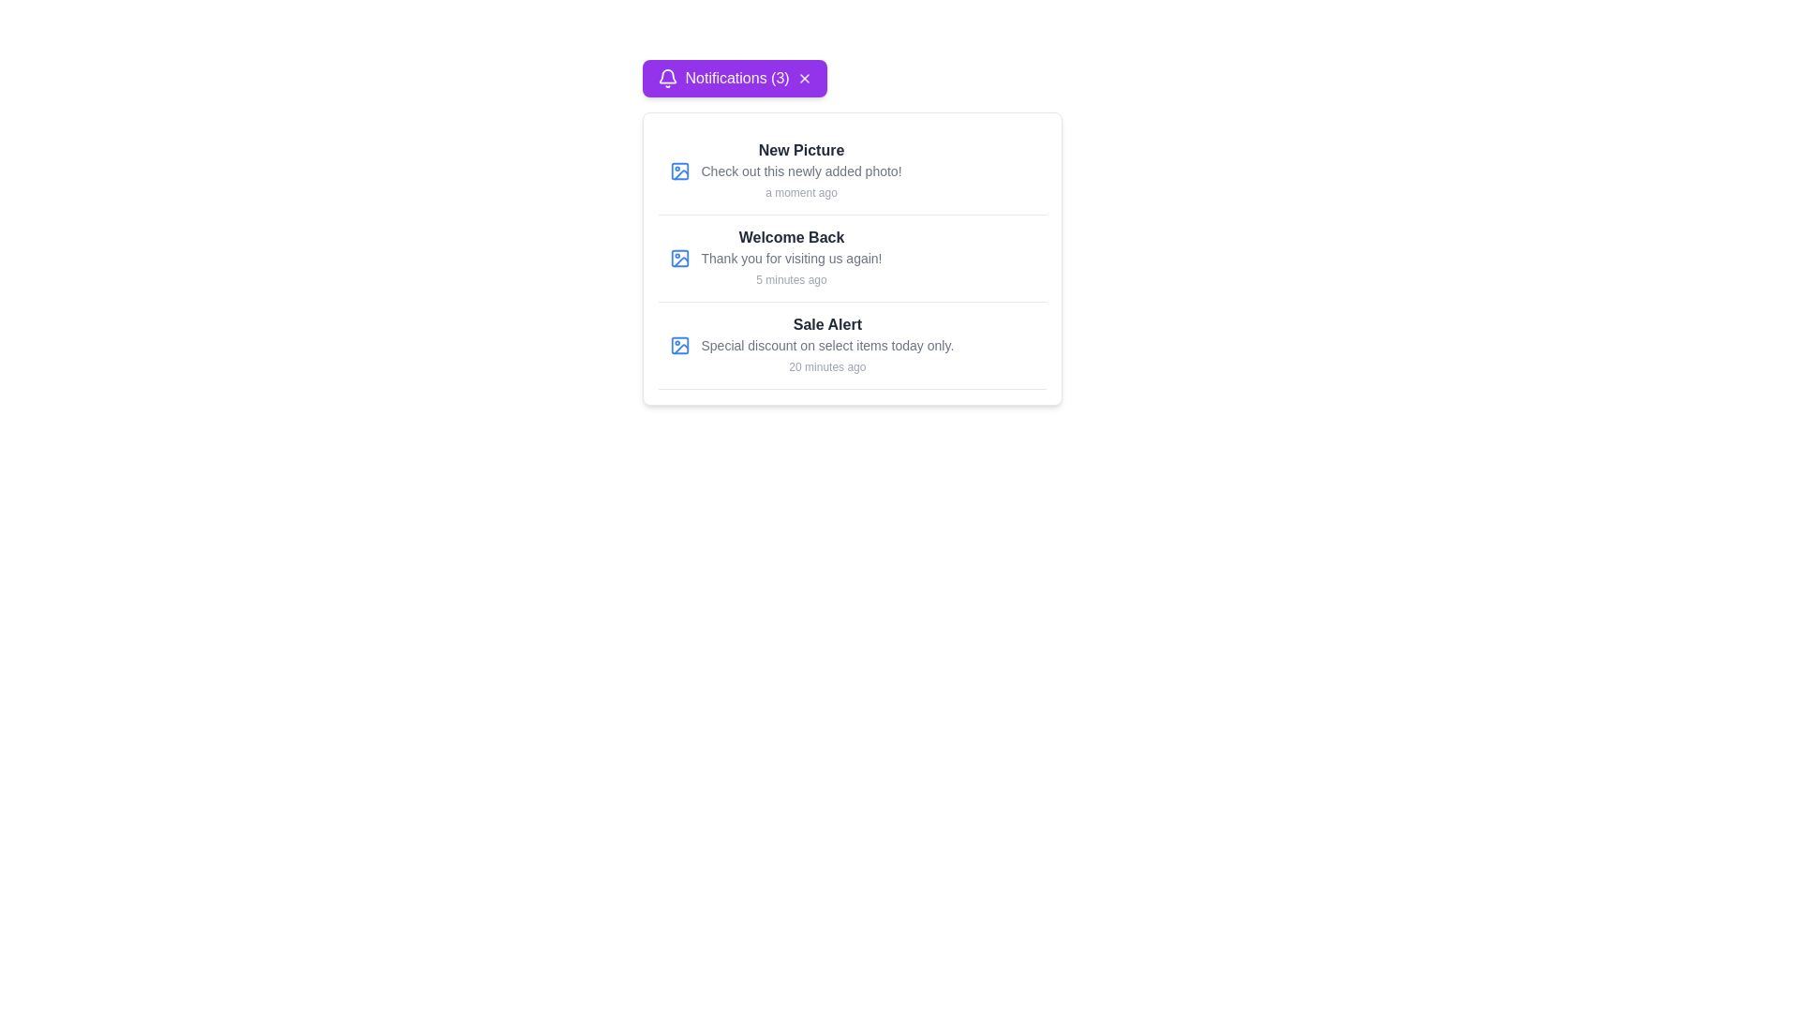 This screenshot has height=1012, width=1799. Describe the element at coordinates (667, 78) in the screenshot. I see `the bell icon located on the left side of the 'Notifications (3)' button in the purple rectangular header of the notification panel` at that location.